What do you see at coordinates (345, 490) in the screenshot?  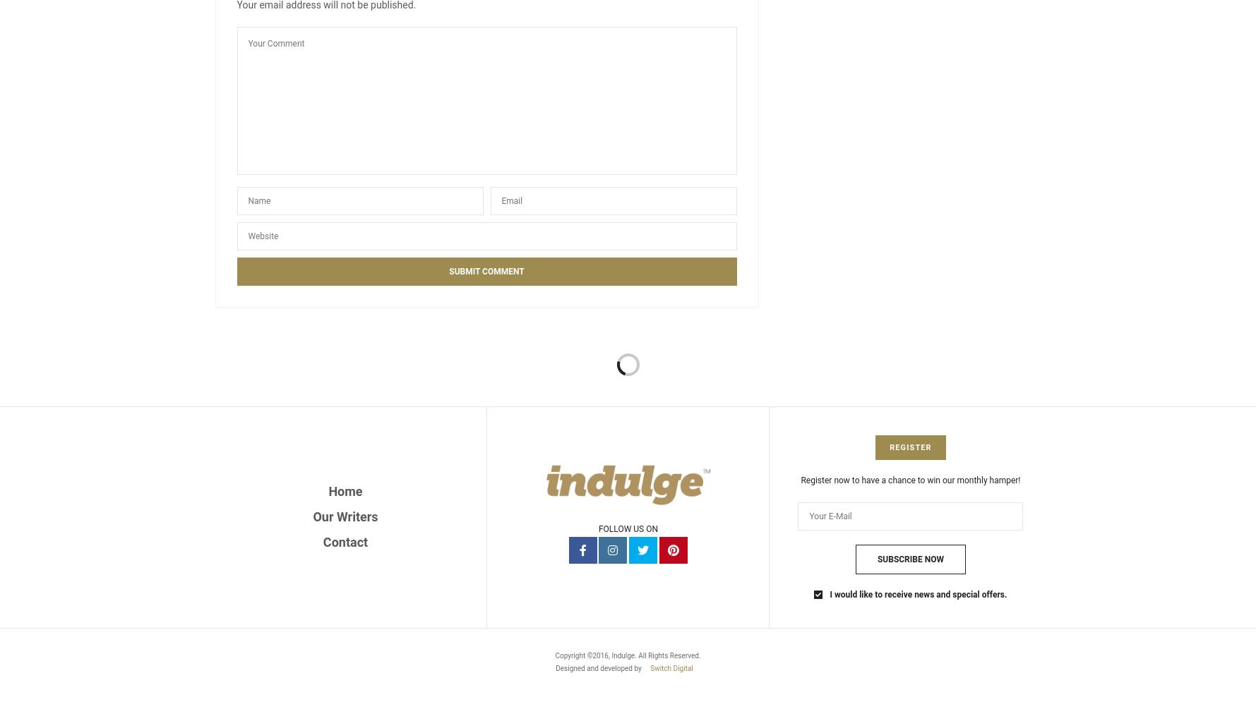 I see `'Home'` at bounding box center [345, 490].